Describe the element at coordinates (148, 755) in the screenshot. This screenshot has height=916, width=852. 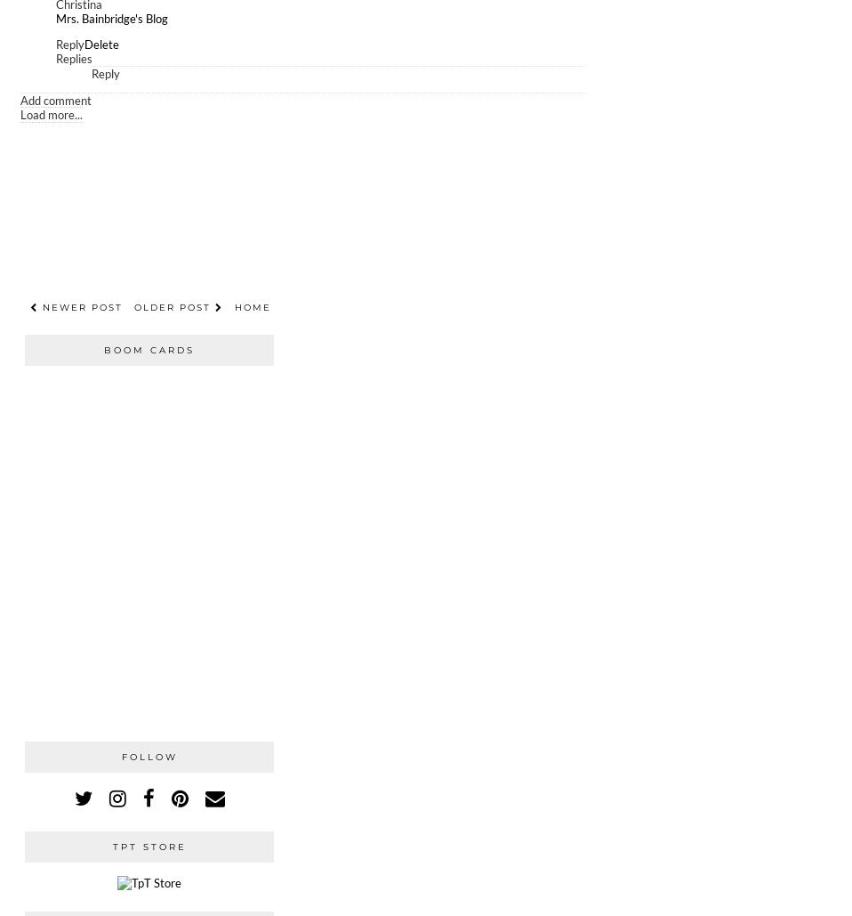
I see `'Follow'` at that location.